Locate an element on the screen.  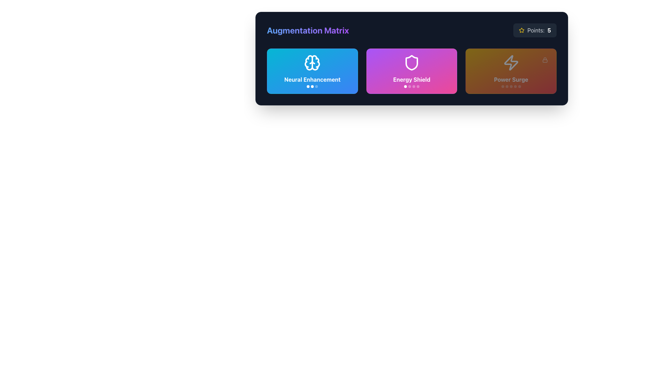
the 'Neural Enhancement' interactive card located in the first card of a set of three cards beneath the 'Augmentation Matrix' title is located at coordinates (312, 71).